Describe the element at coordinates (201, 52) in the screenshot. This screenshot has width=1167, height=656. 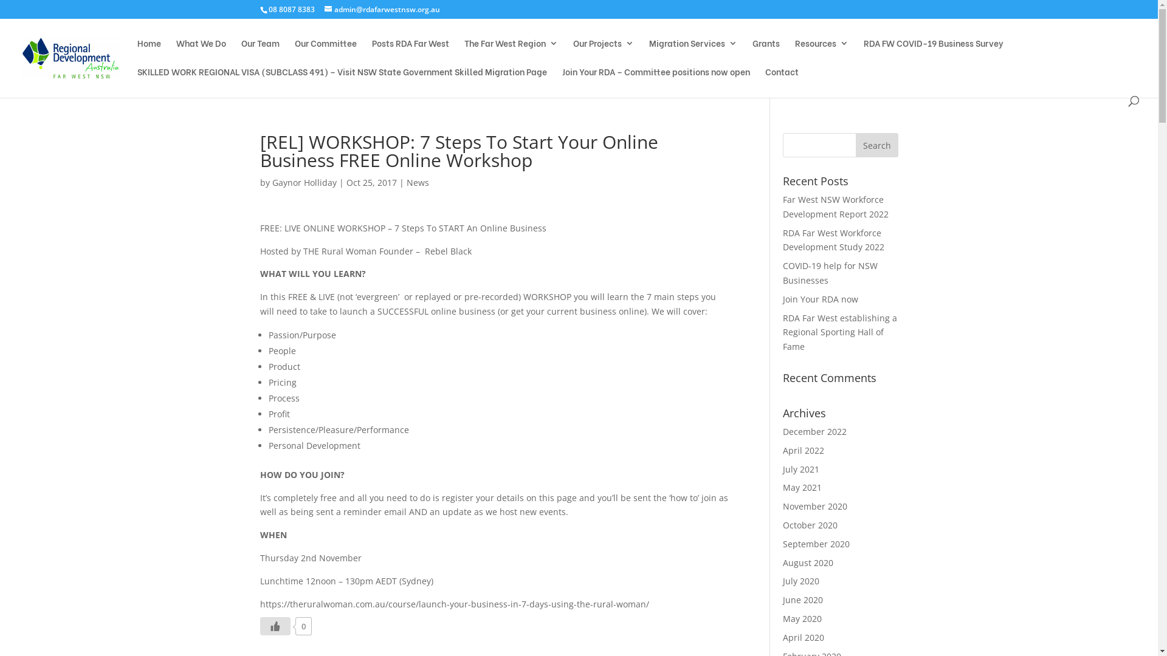
I see `'What We Do'` at that location.